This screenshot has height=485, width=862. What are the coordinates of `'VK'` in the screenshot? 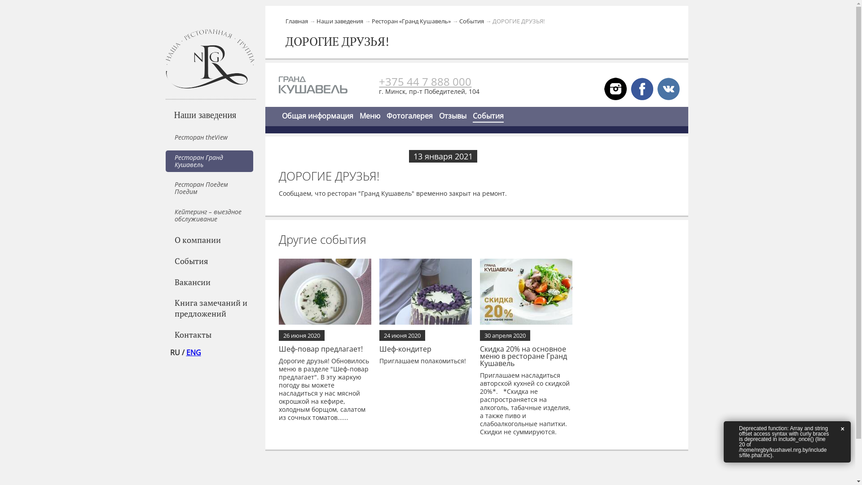 It's located at (615, 88).